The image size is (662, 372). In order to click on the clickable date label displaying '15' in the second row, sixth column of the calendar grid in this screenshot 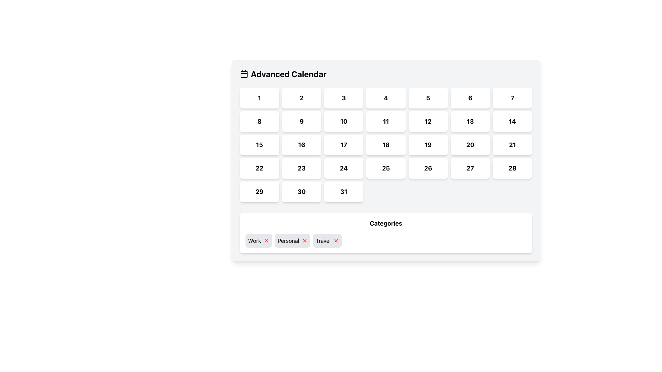, I will do `click(259, 144)`.